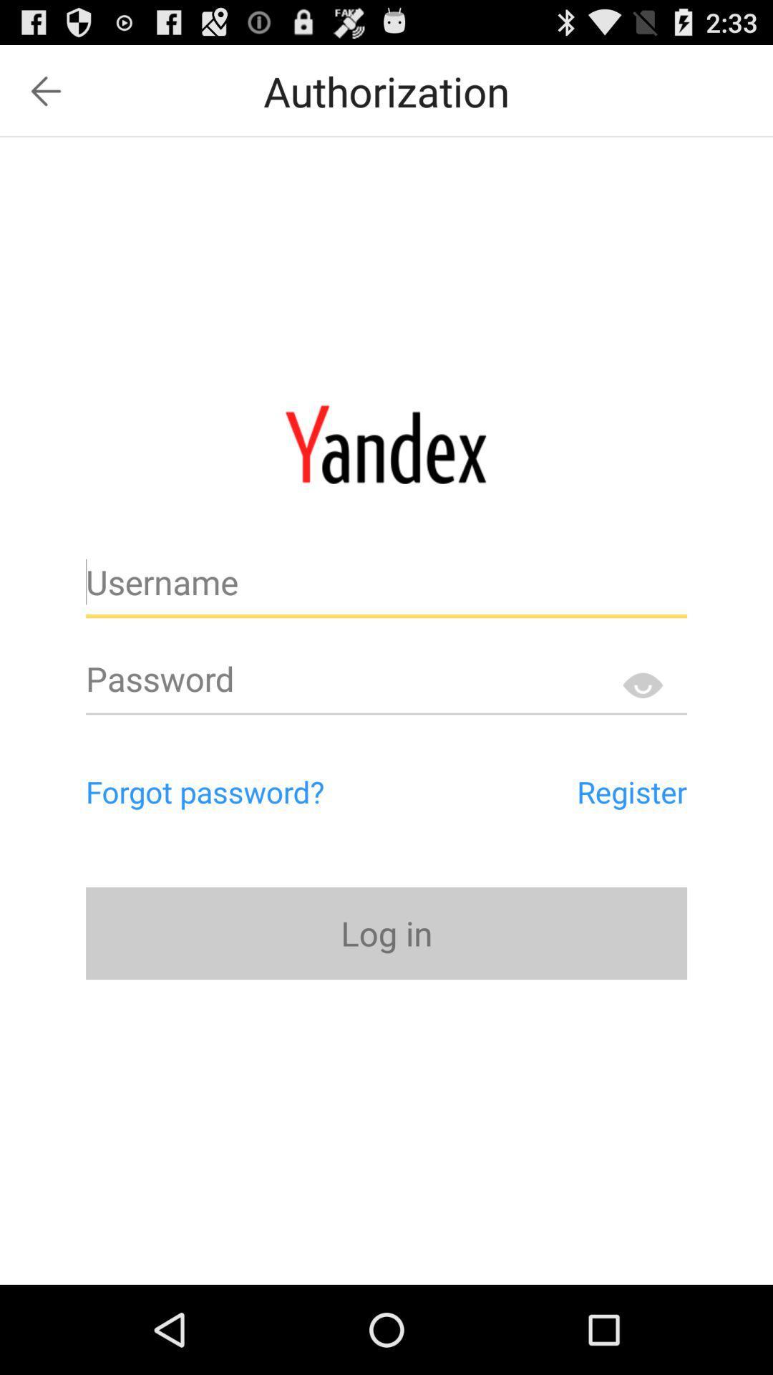  I want to click on item below forgot password? item, so click(386, 933).